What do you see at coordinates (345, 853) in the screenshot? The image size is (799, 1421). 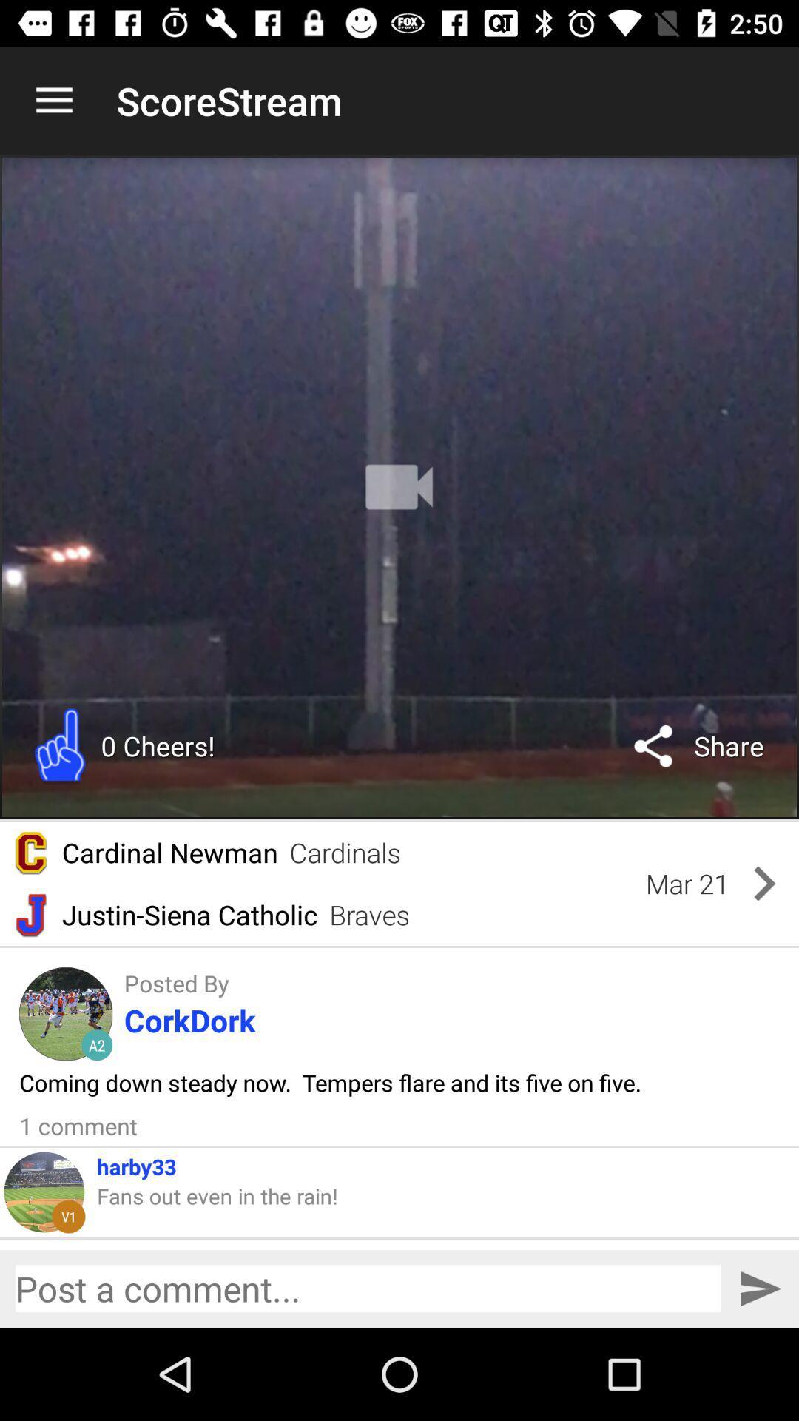 I see `the item above justin-siena catholic item` at bounding box center [345, 853].